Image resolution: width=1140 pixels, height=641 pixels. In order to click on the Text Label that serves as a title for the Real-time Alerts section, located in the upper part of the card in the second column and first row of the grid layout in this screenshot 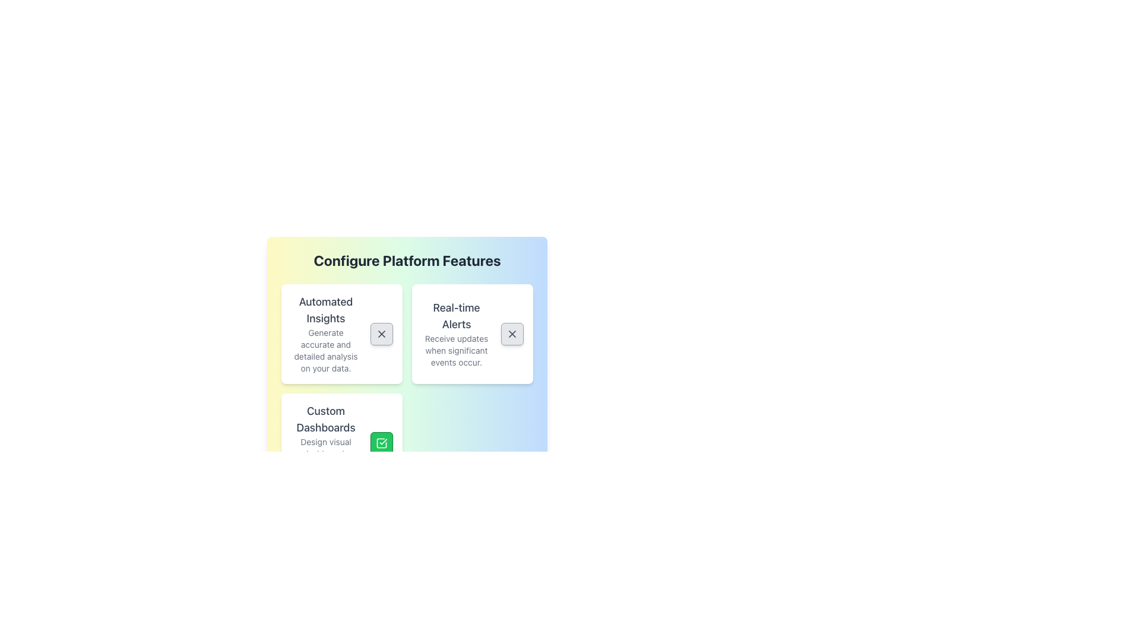, I will do `click(455, 315)`.